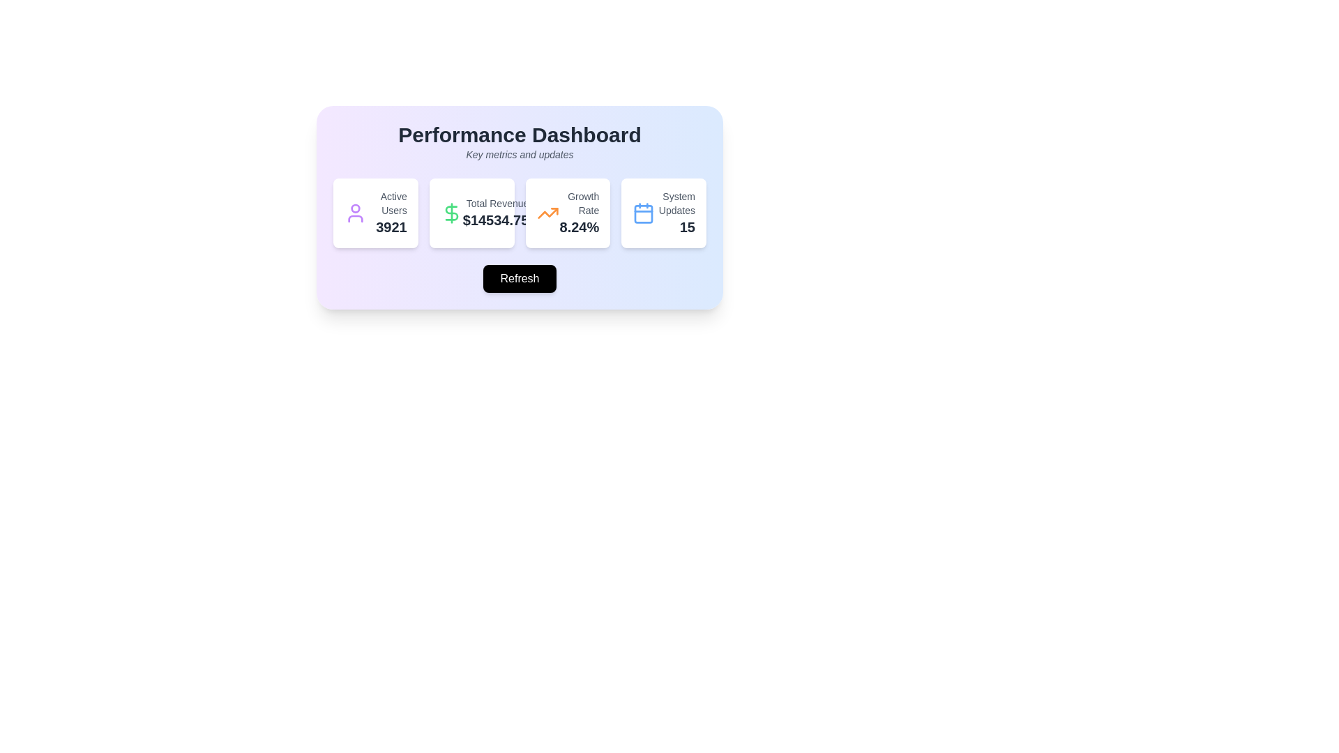 The image size is (1339, 753). What do you see at coordinates (519, 135) in the screenshot?
I see `the static text element styled as a heading, which conveys the main title or purpose of the page section in the dashboard` at bounding box center [519, 135].